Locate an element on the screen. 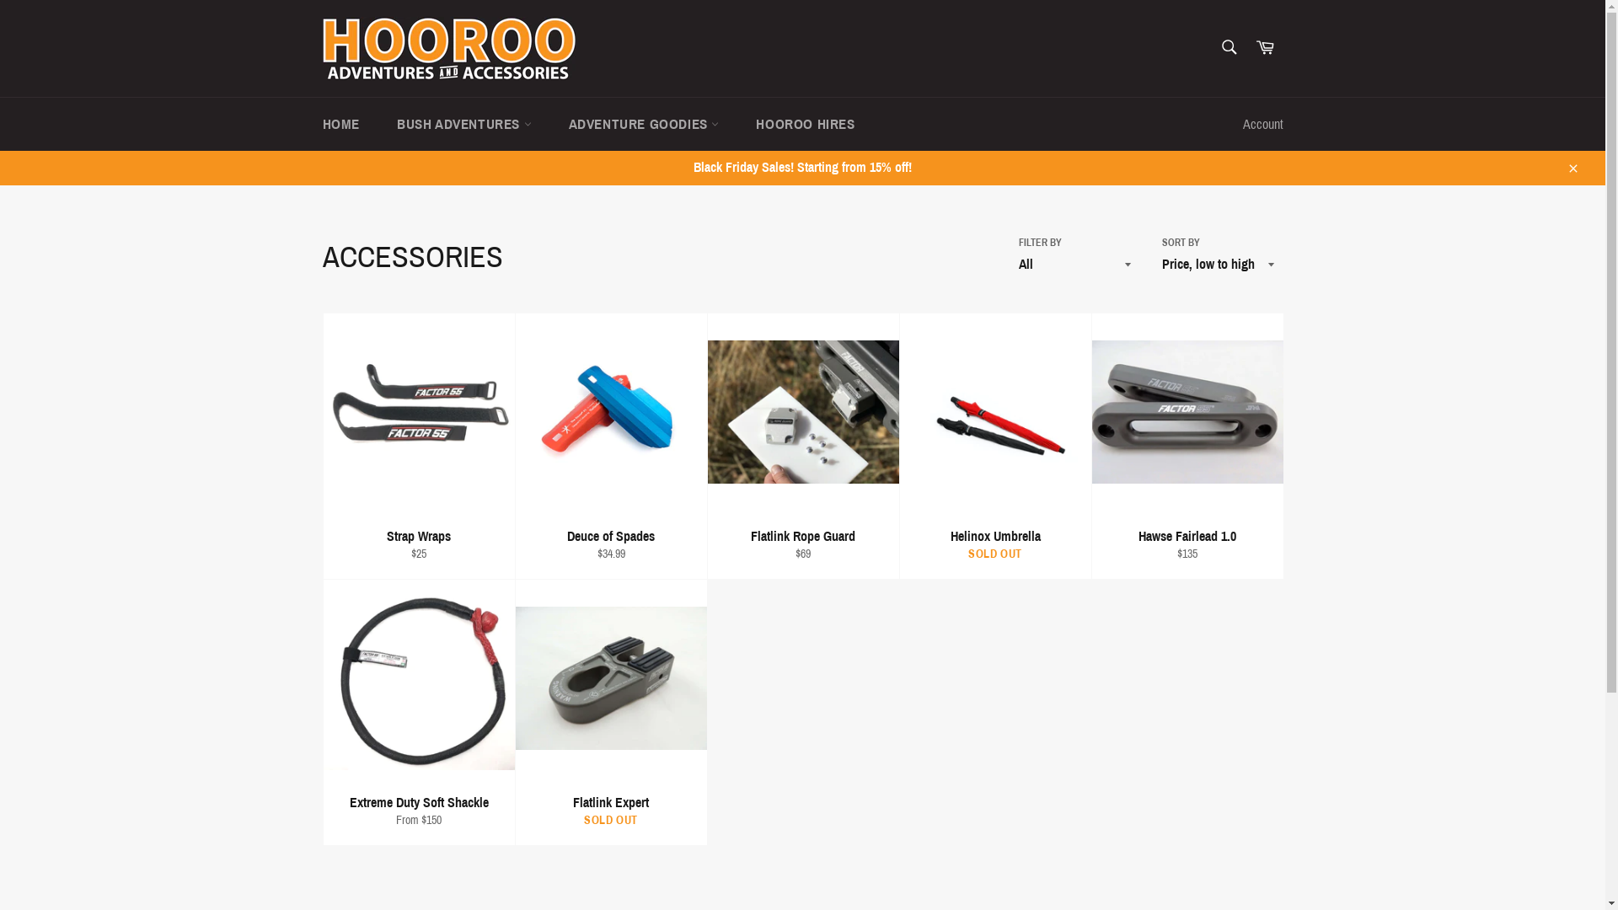 This screenshot has height=910, width=1618. 'Helinox Umbrella is located at coordinates (994, 445).